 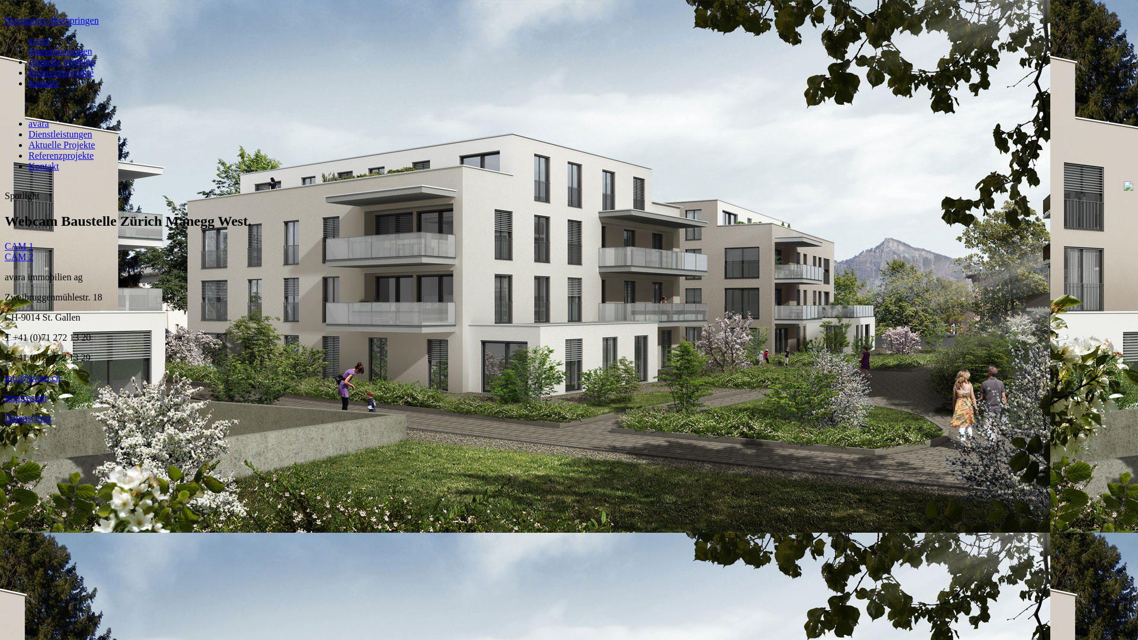 I want to click on 'Dienstleistungen', so click(x=28, y=133).